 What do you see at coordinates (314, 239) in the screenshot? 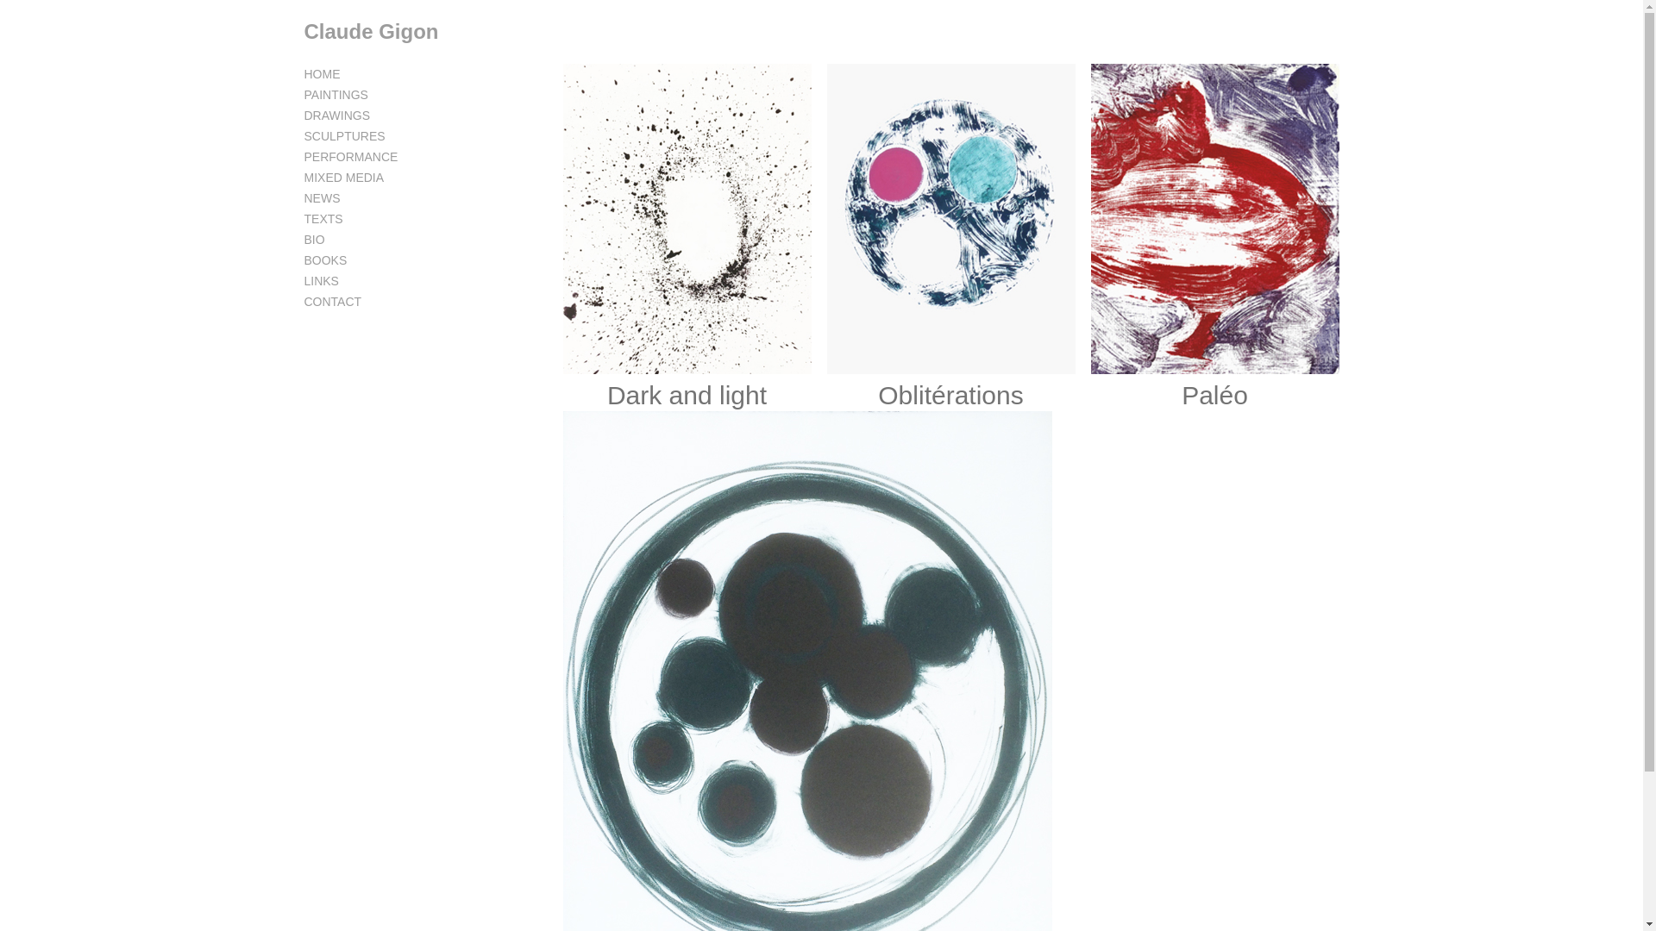
I see `'BIO'` at bounding box center [314, 239].